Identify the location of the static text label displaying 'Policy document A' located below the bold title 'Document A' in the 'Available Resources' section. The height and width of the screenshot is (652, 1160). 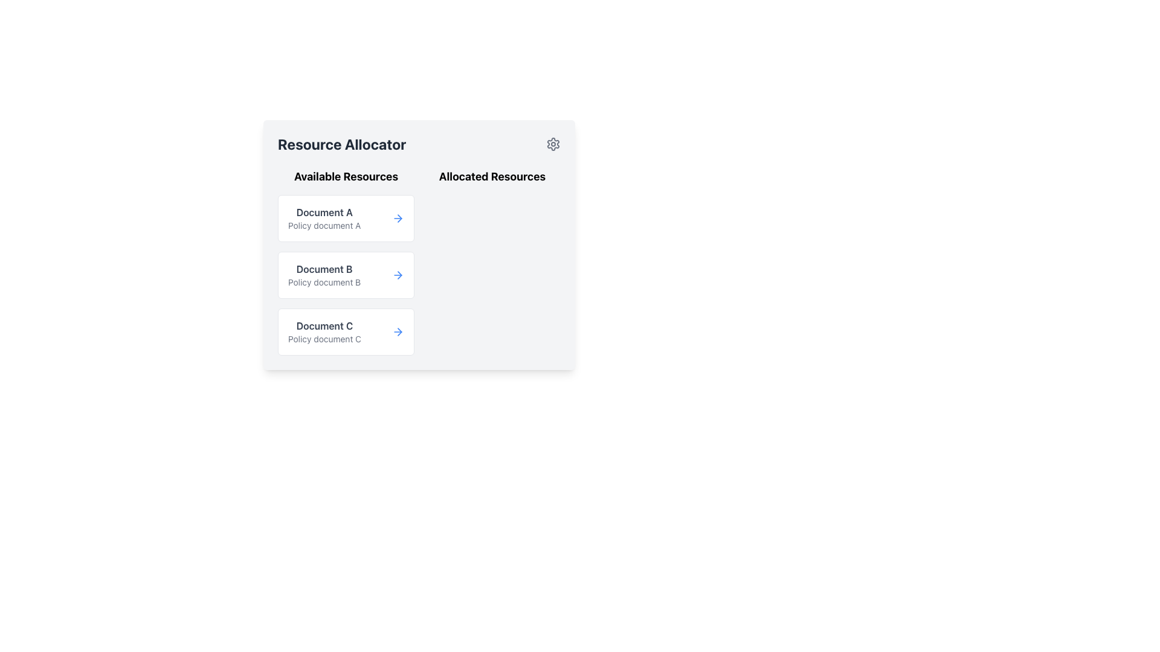
(324, 226).